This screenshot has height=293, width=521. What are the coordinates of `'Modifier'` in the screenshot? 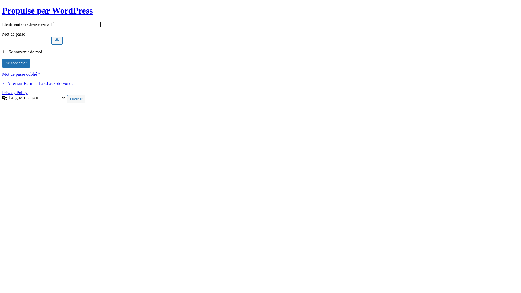 It's located at (76, 99).